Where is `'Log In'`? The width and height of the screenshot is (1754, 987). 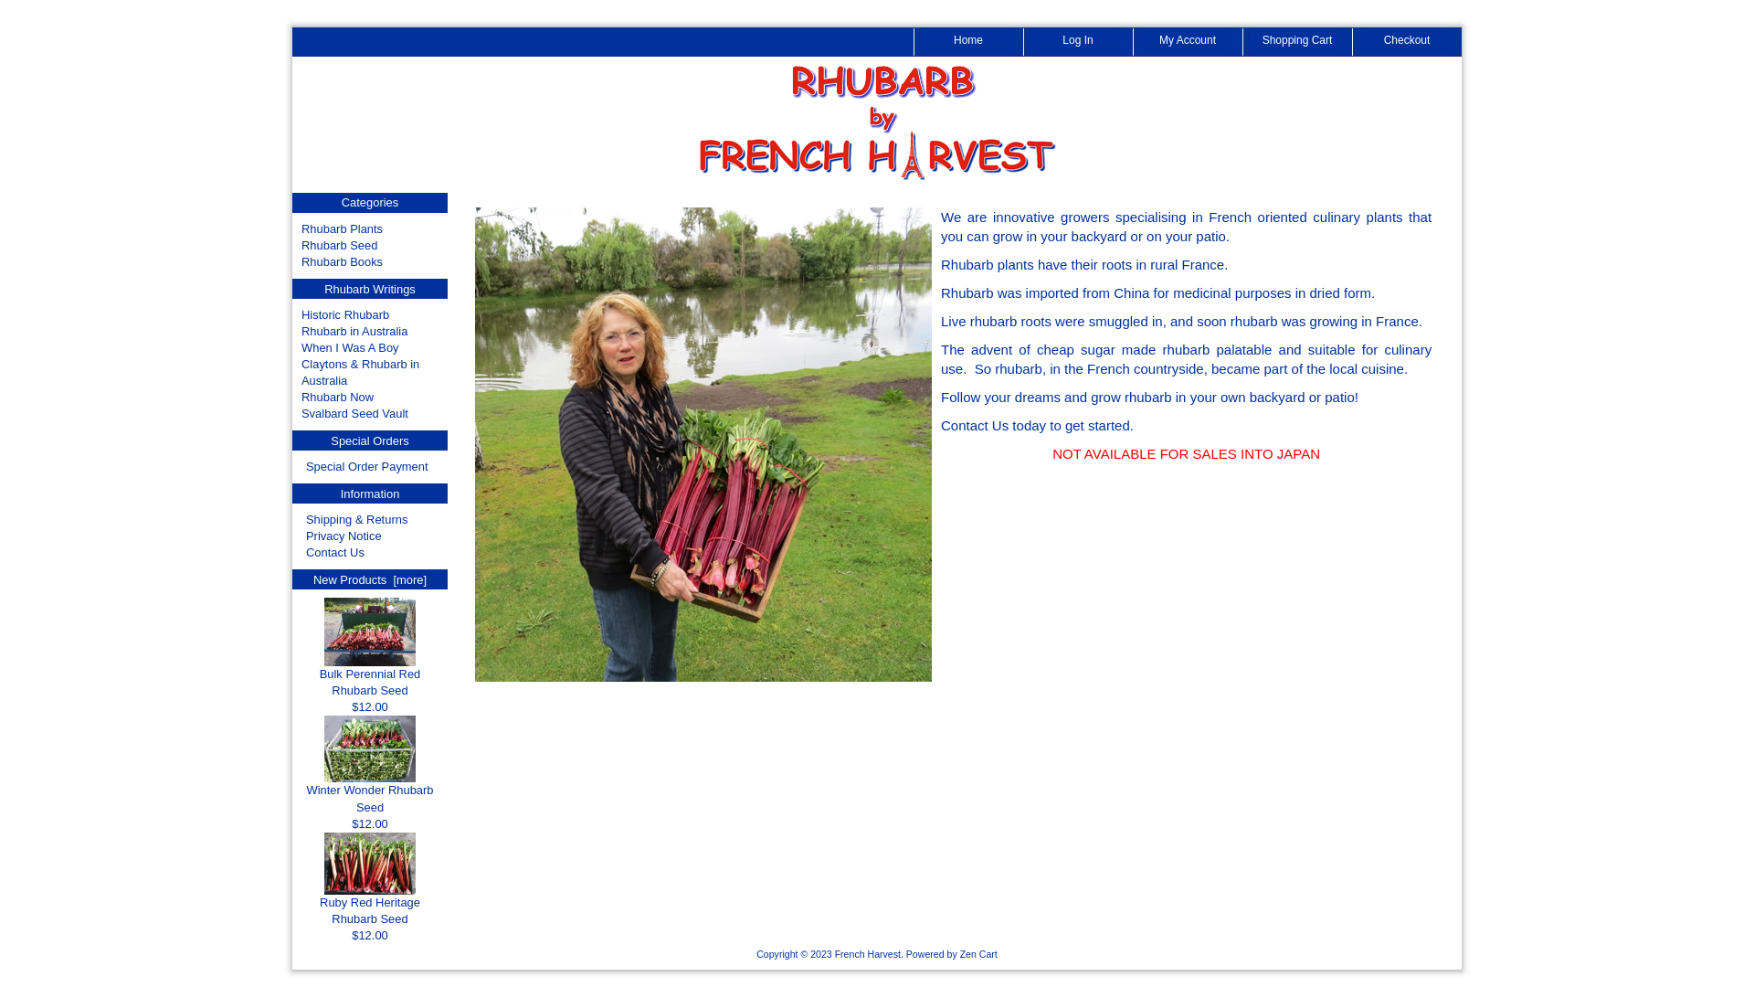
'Log In' is located at coordinates (1078, 41).